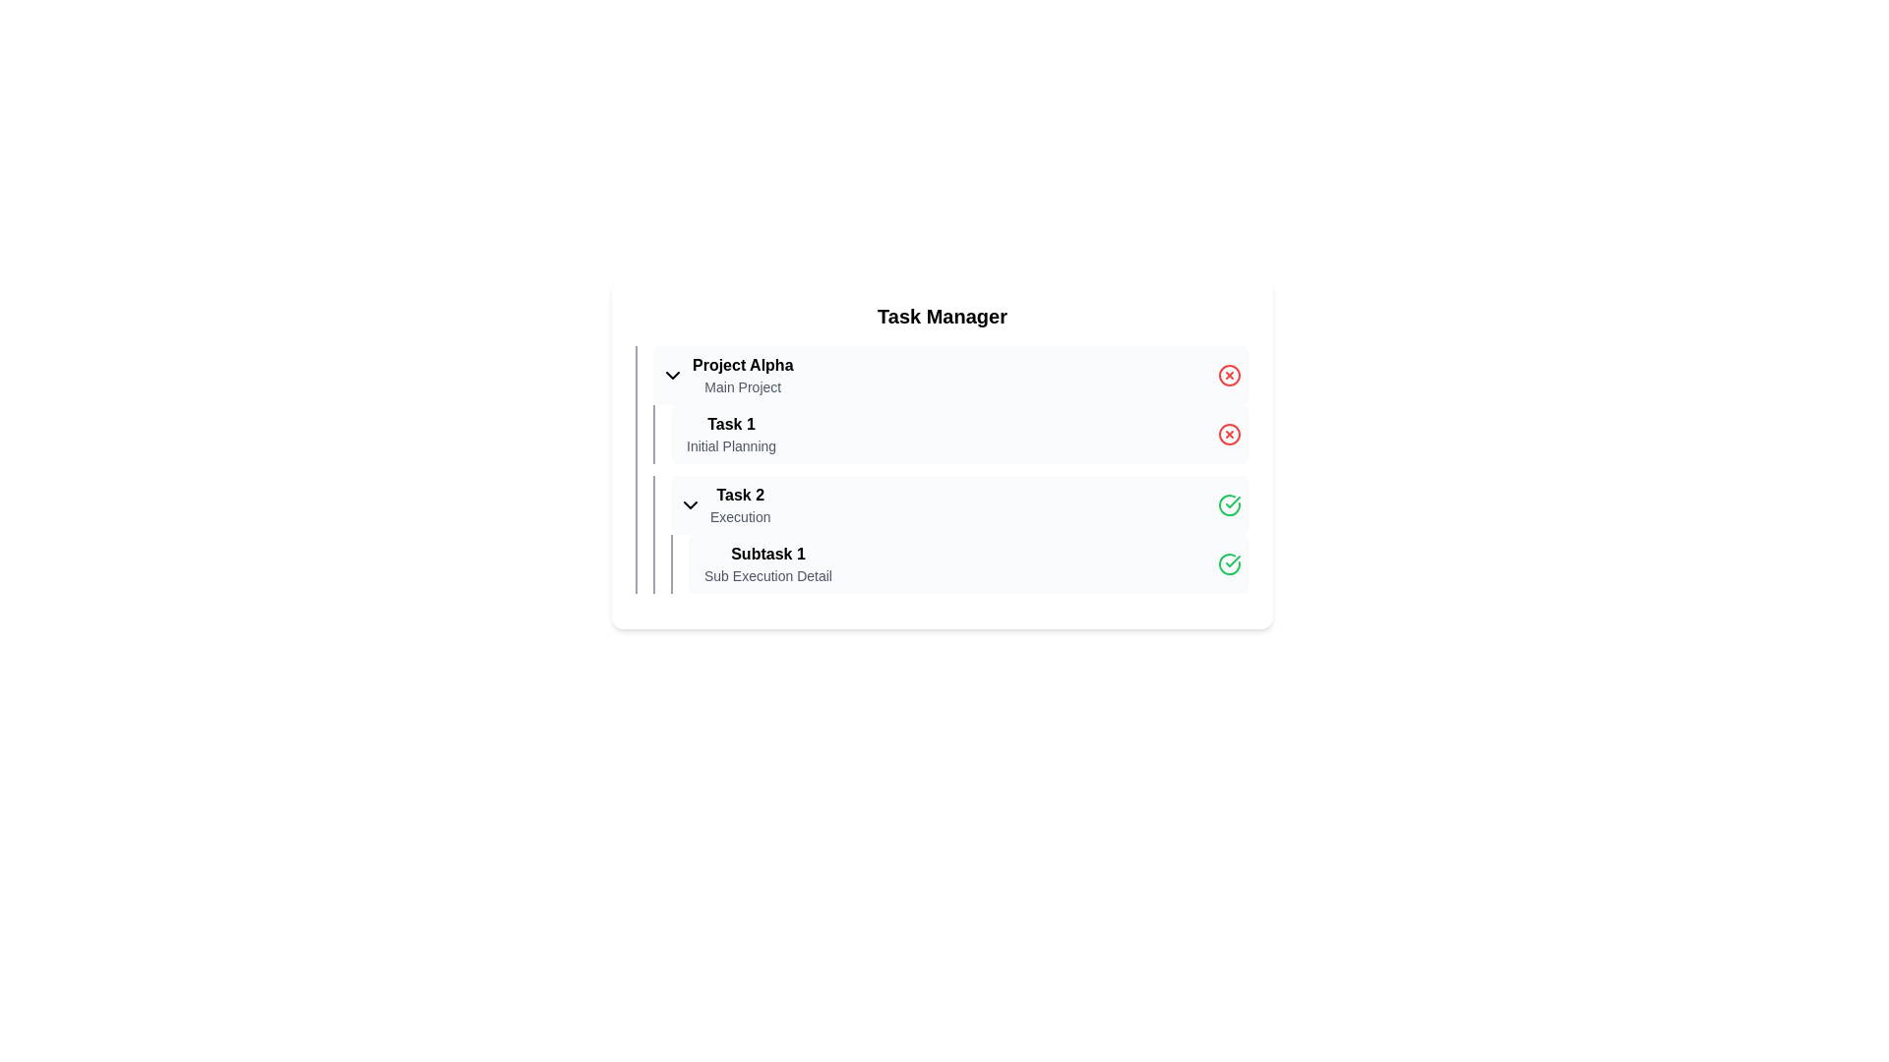 Image resolution: width=1889 pixels, height=1062 pixels. What do you see at coordinates (950, 534) in the screenshot?
I see `the task item in the task management interface` at bounding box center [950, 534].